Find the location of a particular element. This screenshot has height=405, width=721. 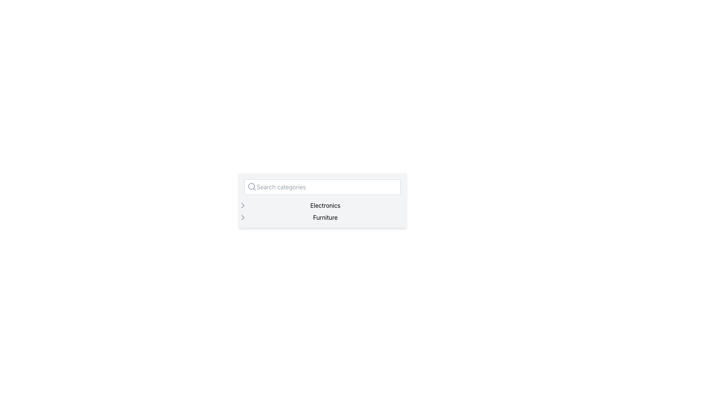

the circular SVG element located within the search icon, which is positioned to the left of the 'Search categories' input field is located at coordinates (251, 186).